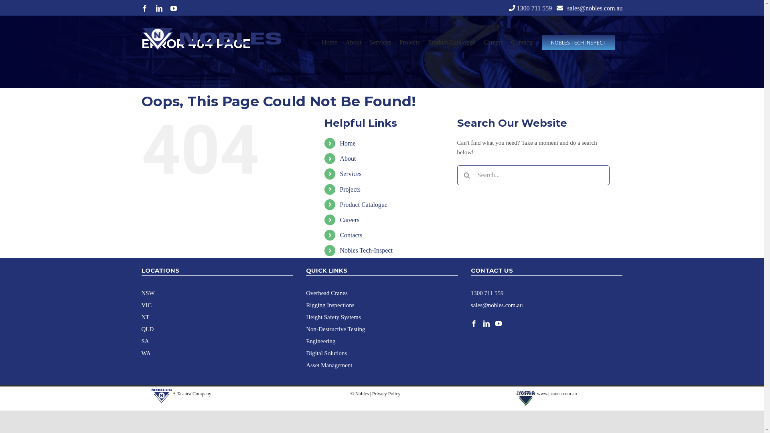  What do you see at coordinates (144, 8) in the screenshot?
I see `'Facebook'` at bounding box center [144, 8].